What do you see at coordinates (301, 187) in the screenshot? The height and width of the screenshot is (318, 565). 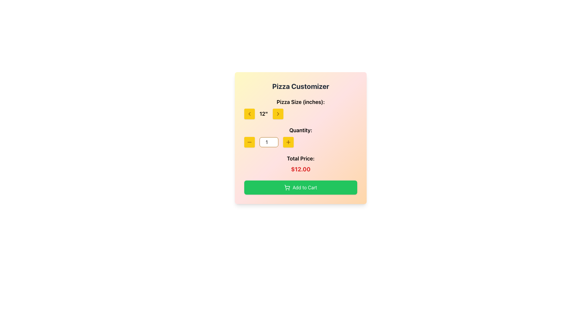 I see `the prominent green 'Add to Cart' button located at the bottom of the Pizza Customizer UI to observe any hover effects` at bounding box center [301, 187].